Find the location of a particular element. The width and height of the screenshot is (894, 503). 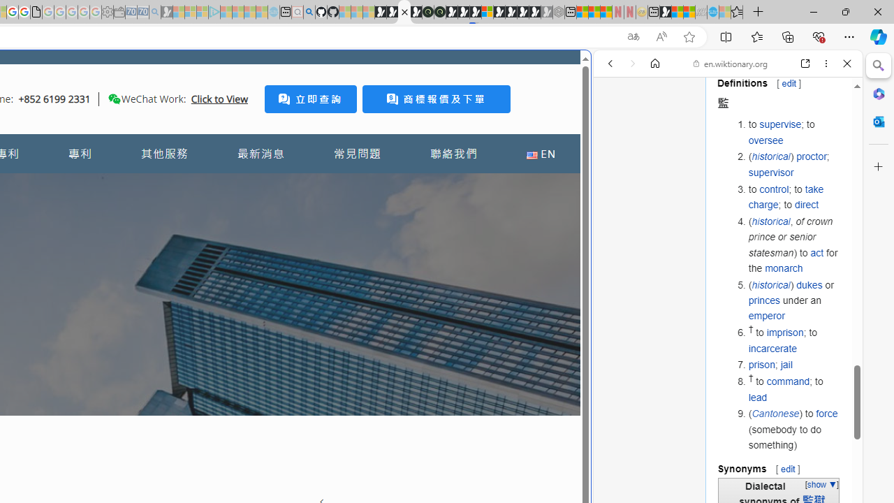

'proctor' is located at coordinates (812, 156).